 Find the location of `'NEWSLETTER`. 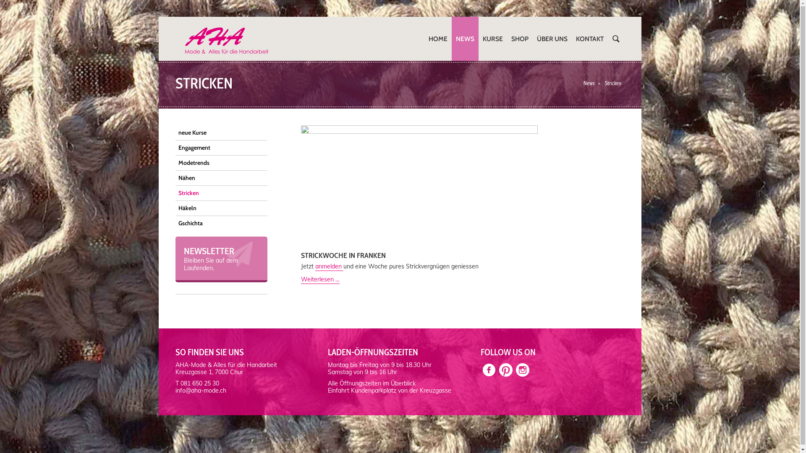

'NEWSLETTER is located at coordinates (221, 259).